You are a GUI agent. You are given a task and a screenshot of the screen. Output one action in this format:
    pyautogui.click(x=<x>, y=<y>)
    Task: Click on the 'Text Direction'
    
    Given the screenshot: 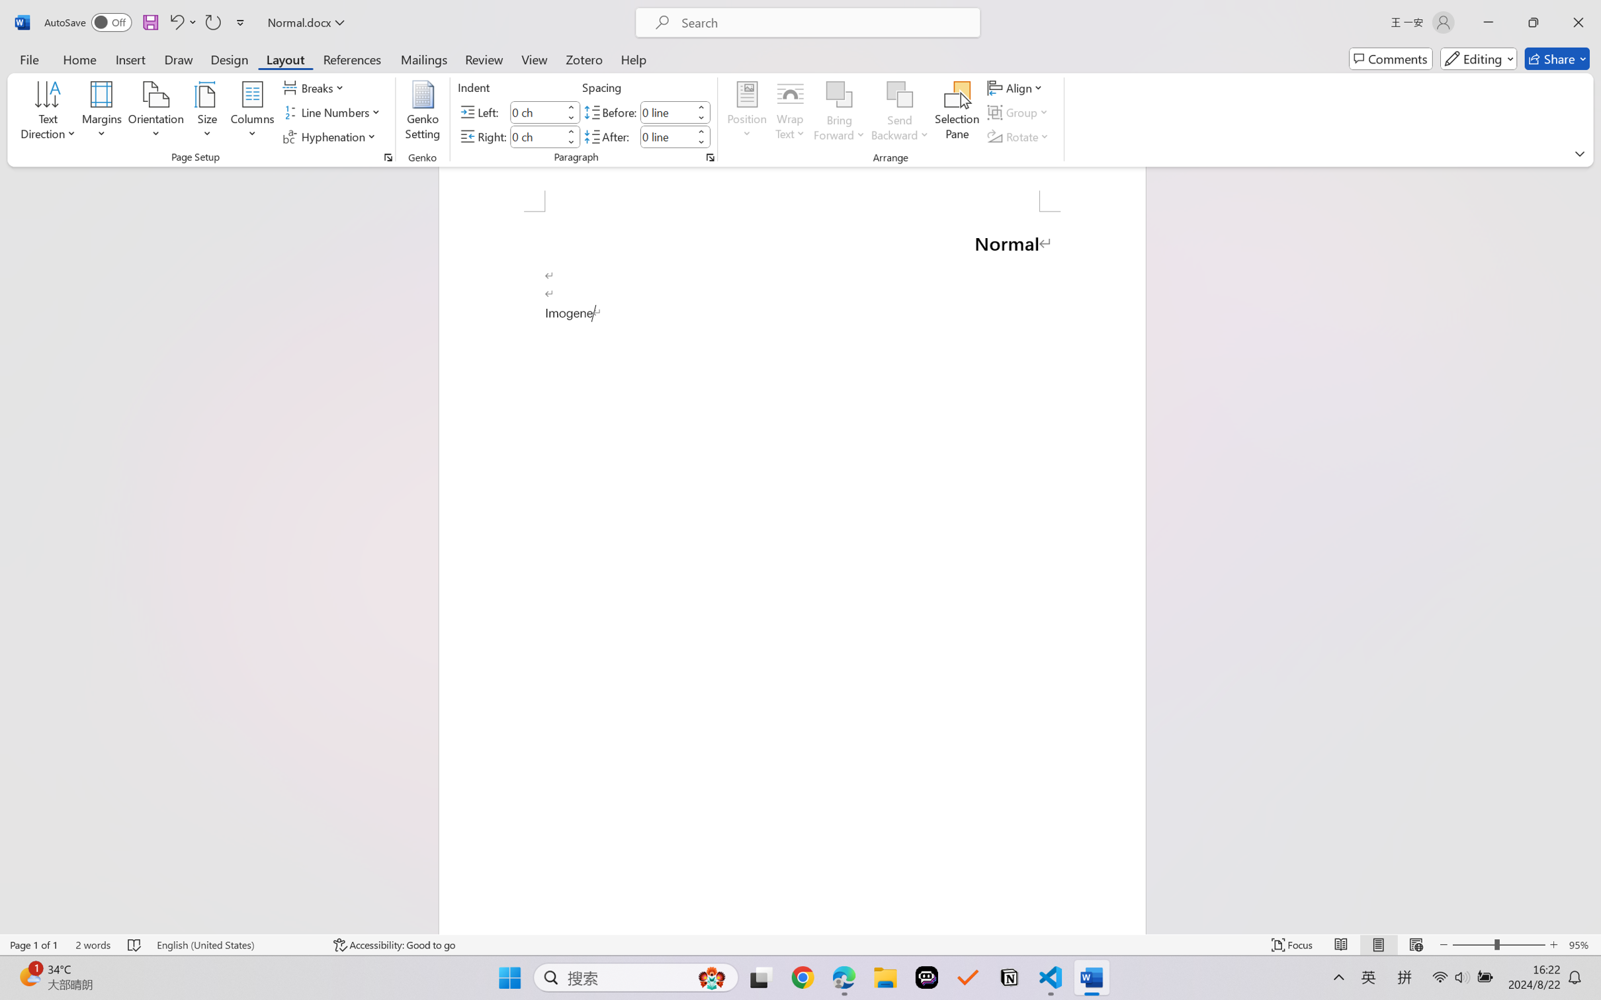 What is the action you would take?
    pyautogui.click(x=48, y=112)
    